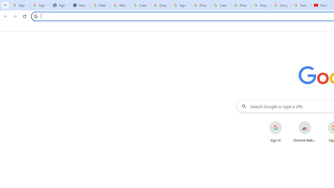 This screenshot has height=188, width=334. Describe the element at coordinates (315, 122) in the screenshot. I see `'More actions for Chrome Web Store shortcut'` at that location.